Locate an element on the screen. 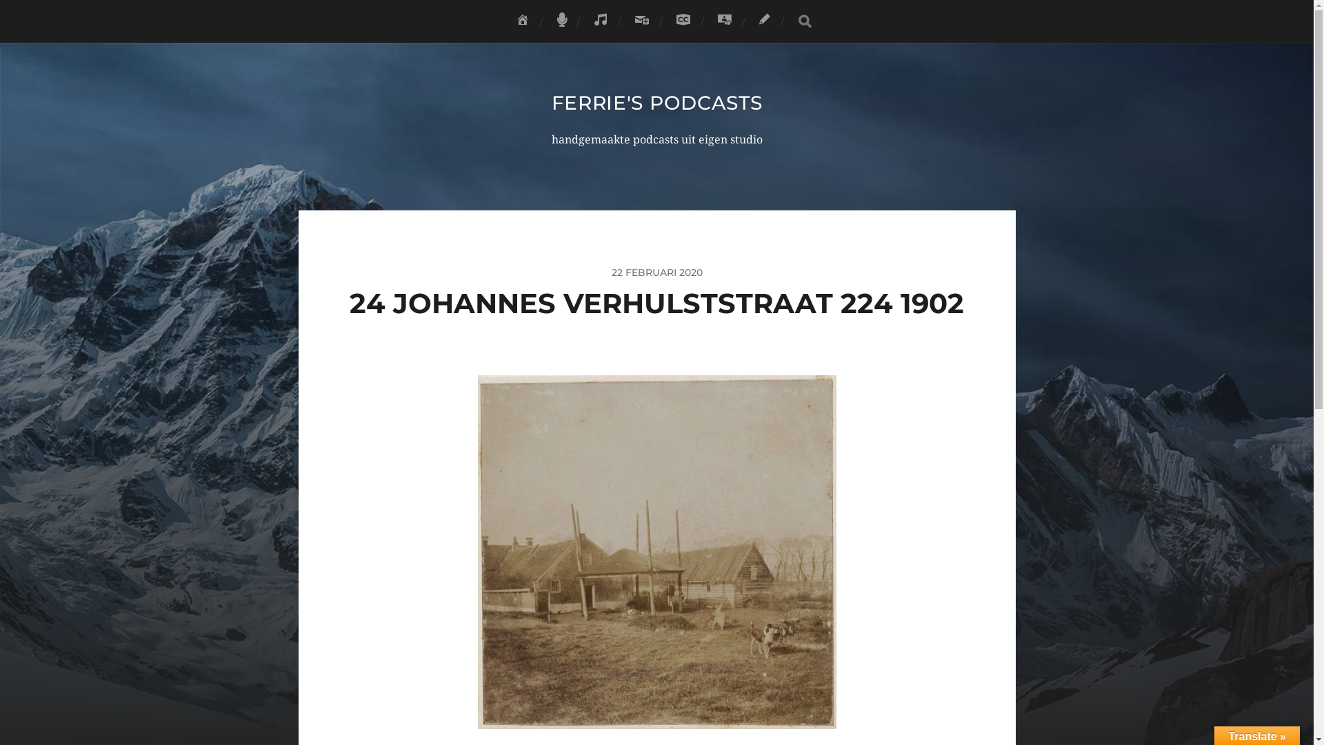 This screenshot has width=1324, height=745. 'FERRIE' is located at coordinates (561, 21).